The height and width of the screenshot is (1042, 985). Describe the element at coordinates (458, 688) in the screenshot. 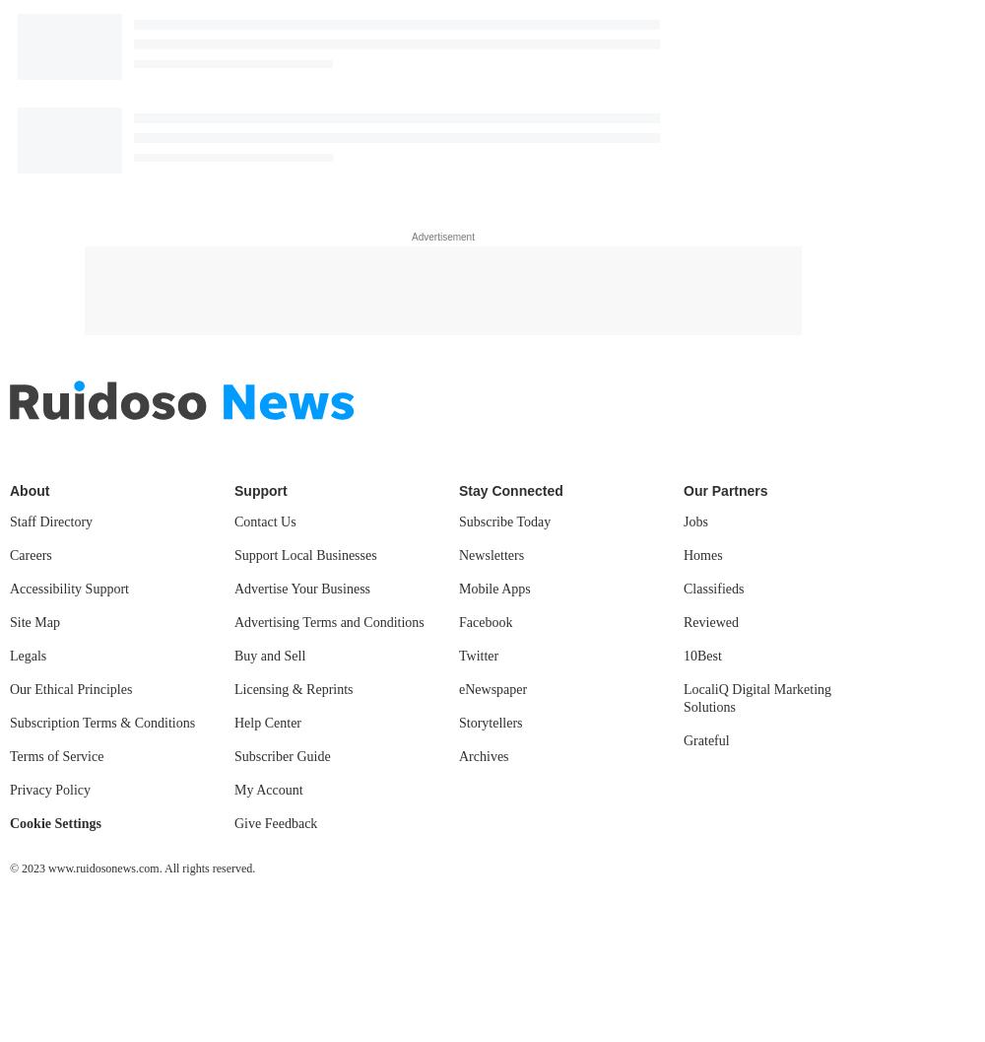

I see `'eNewspaper'` at that location.